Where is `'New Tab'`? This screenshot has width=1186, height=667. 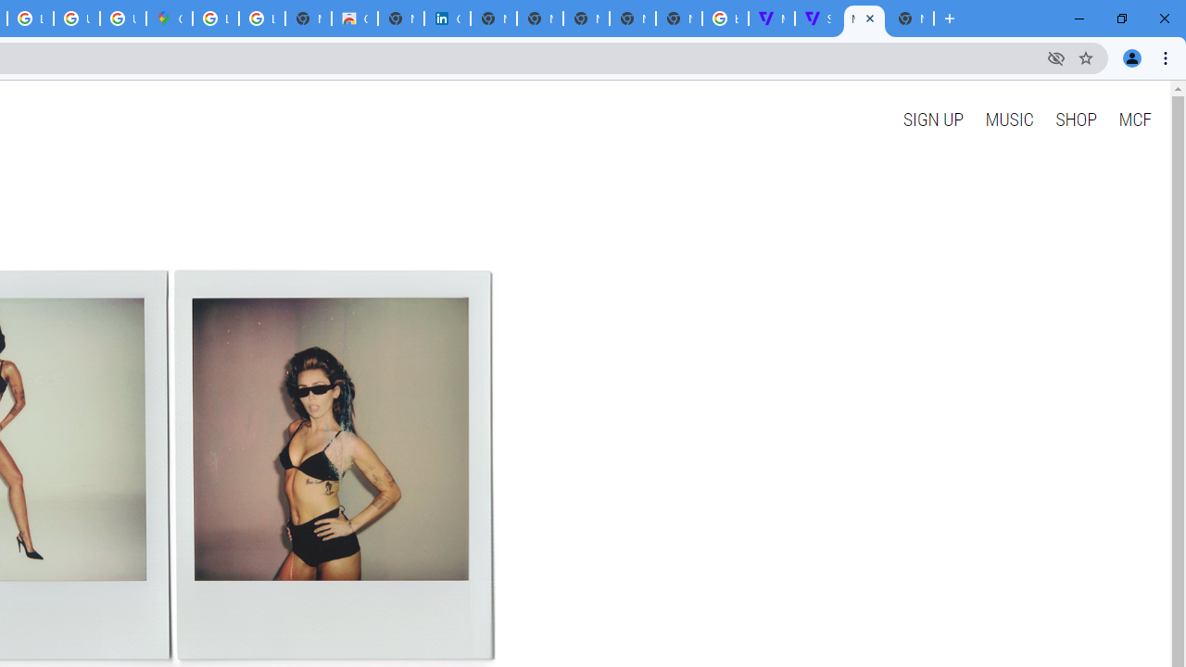
'New Tab' is located at coordinates (911, 19).